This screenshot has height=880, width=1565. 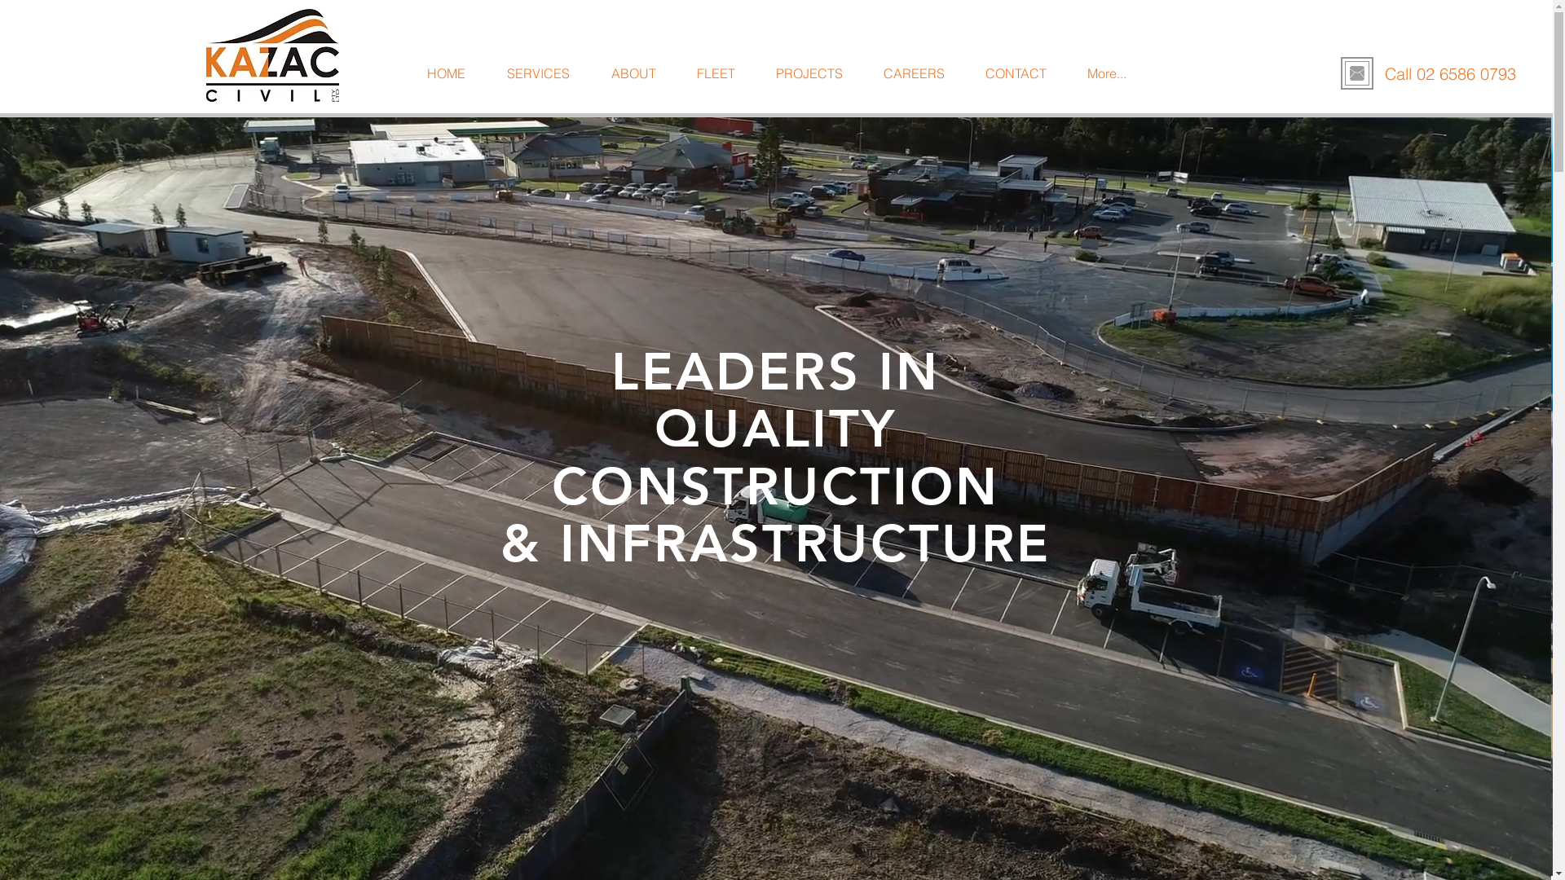 I want to click on 'CAREERS', so click(x=863, y=73).